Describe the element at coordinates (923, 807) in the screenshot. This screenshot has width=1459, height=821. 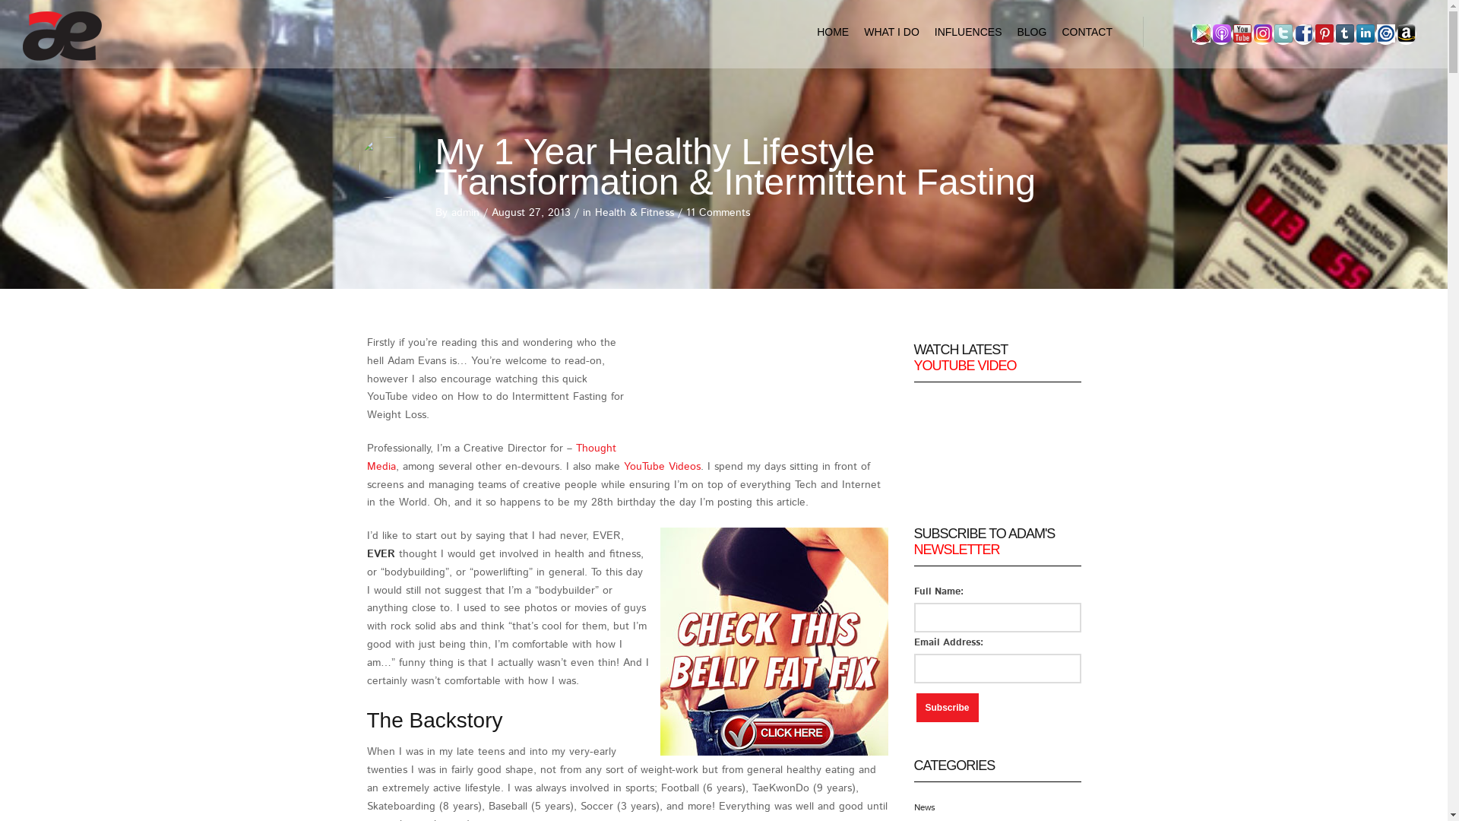
I see `'News'` at that location.